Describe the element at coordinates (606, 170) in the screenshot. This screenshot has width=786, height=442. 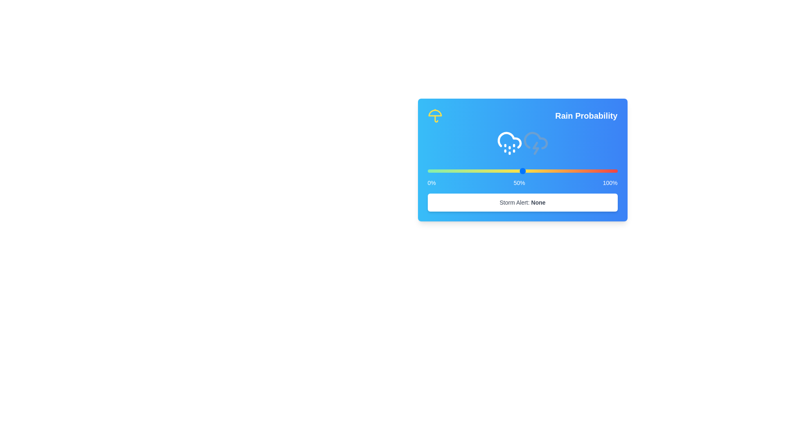
I see `the rain probability slider to 94%` at that location.